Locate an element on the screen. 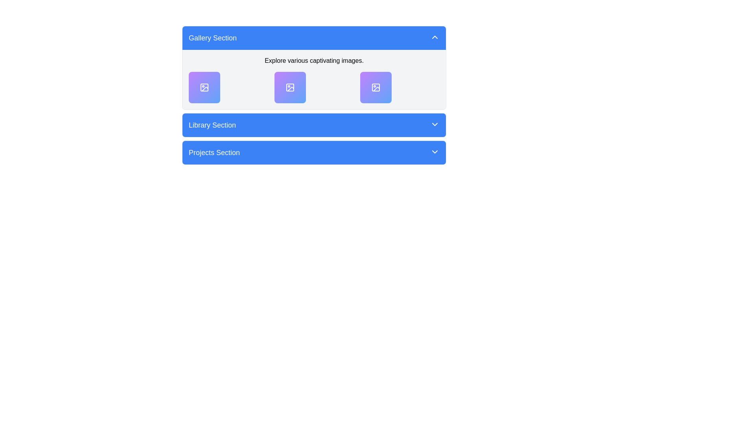 The image size is (755, 424). the icon button located at the far right end of the 'Gallery Section' header bar is located at coordinates (434, 37).